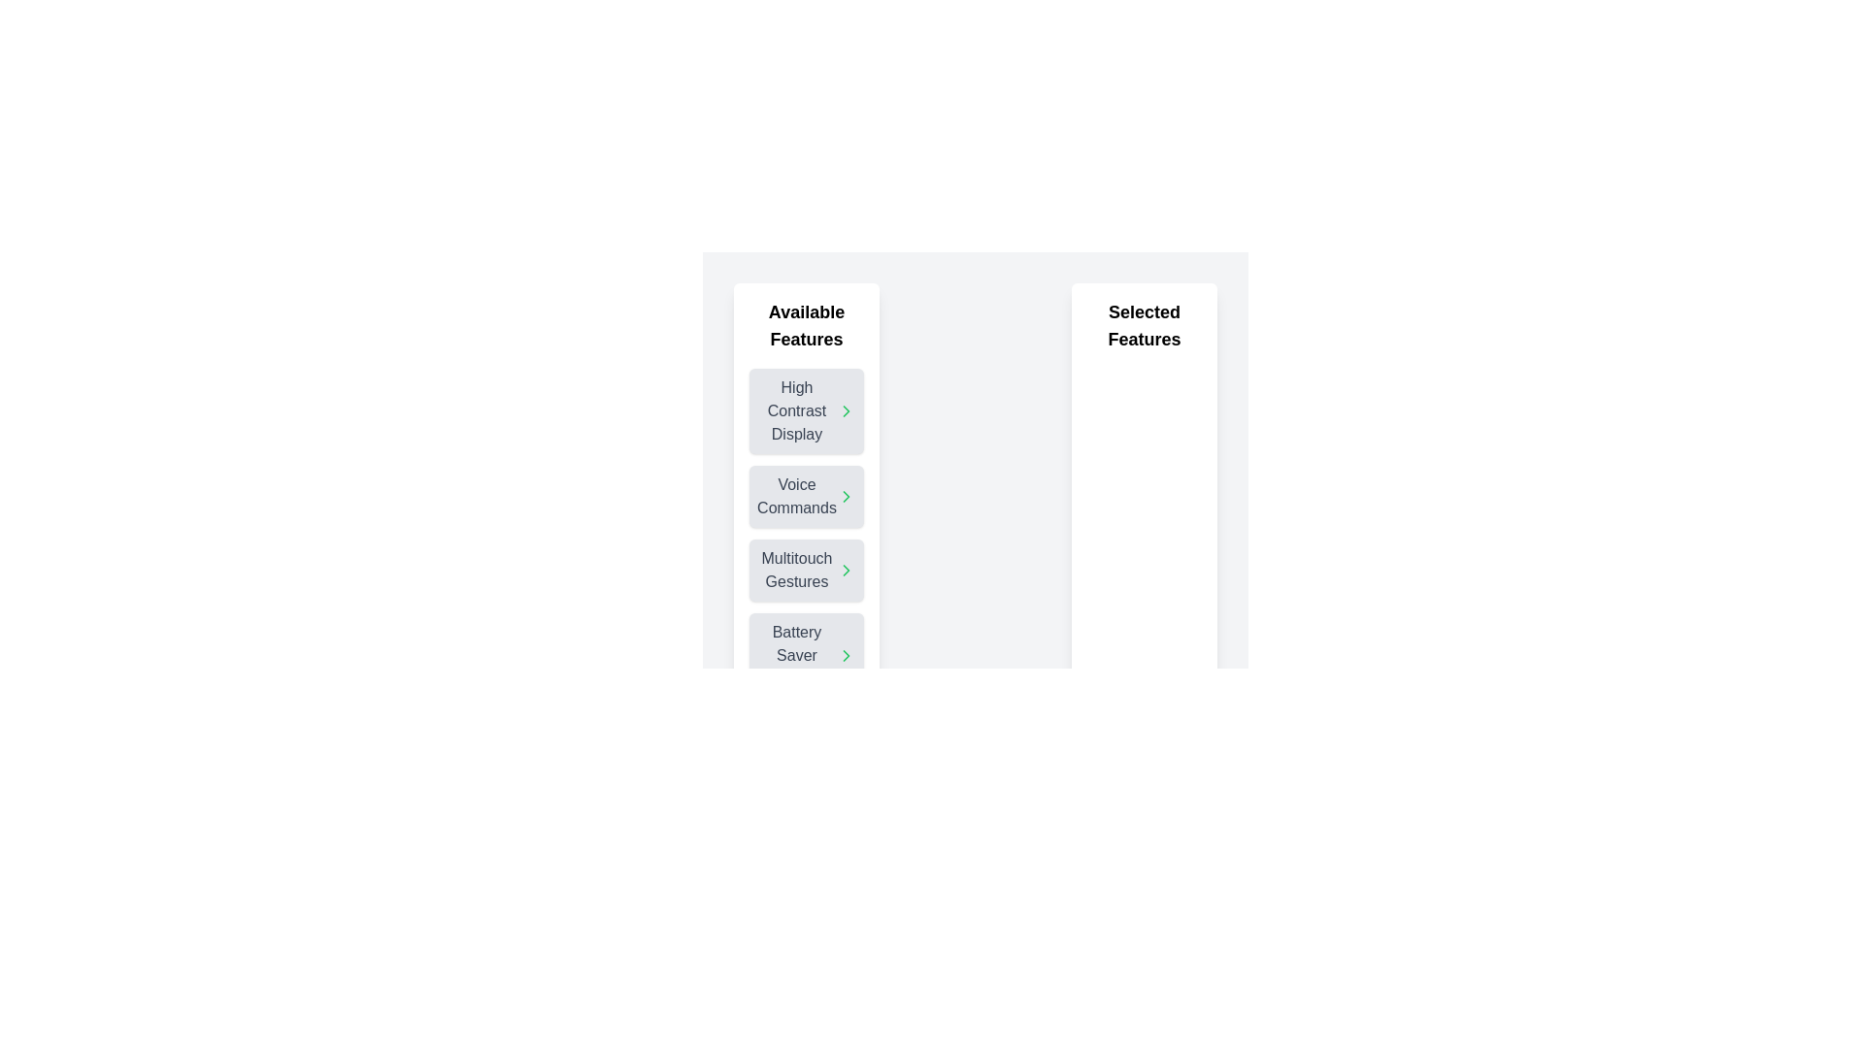  I want to click on the transfer button for the item 'Voice Commands' in the available features list to move it to the selected features list, so click(847, 496).